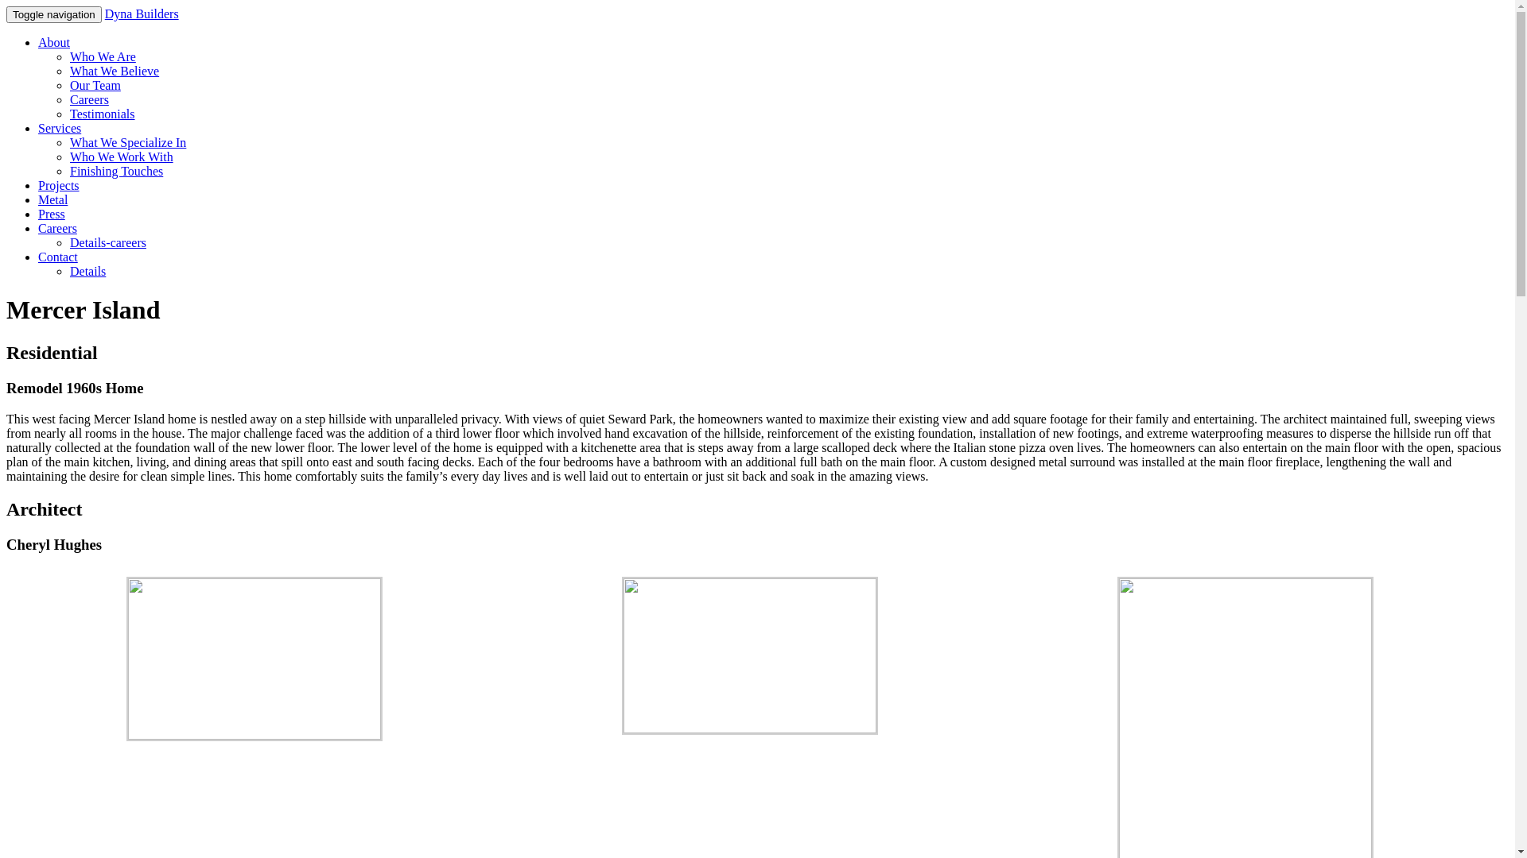 This screenshot has width=1527, height=858. What do you see at coordinates (95, 85) in the screenshot?
I see `'Our Team'` at bounding box center [95, 85].